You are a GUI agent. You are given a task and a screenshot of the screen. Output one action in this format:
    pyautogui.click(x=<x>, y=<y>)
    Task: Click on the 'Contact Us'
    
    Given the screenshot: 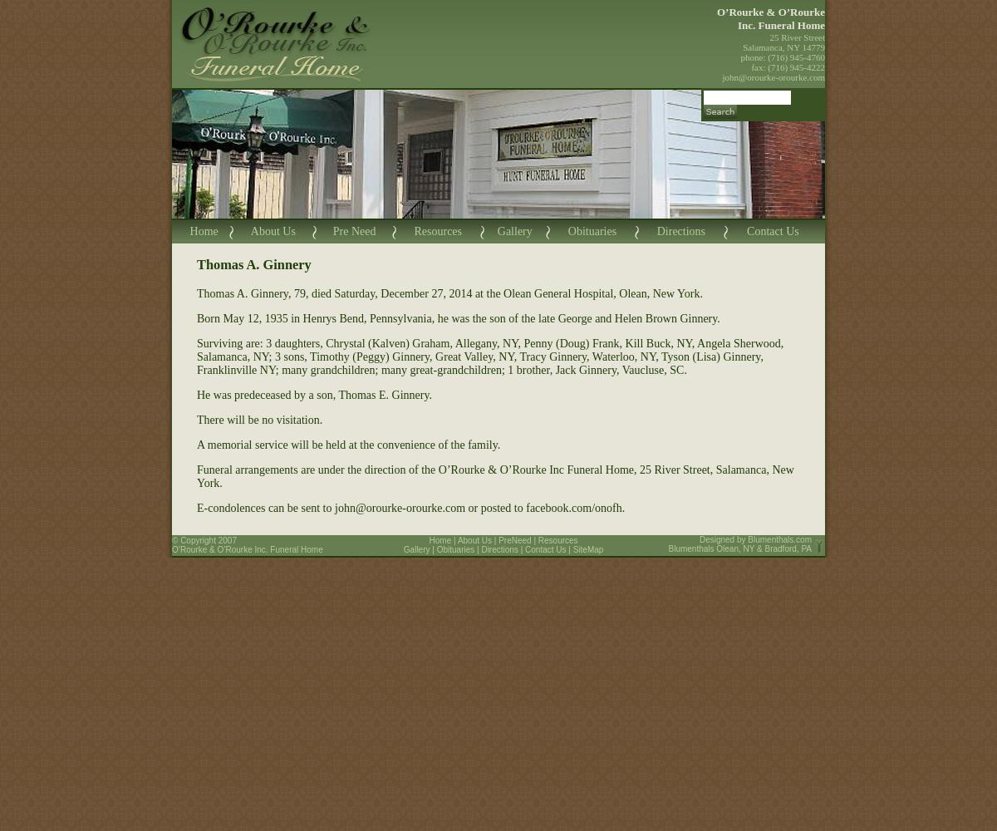 What is the action you would take?
    pyautogui.click(x=773, y=230)
    